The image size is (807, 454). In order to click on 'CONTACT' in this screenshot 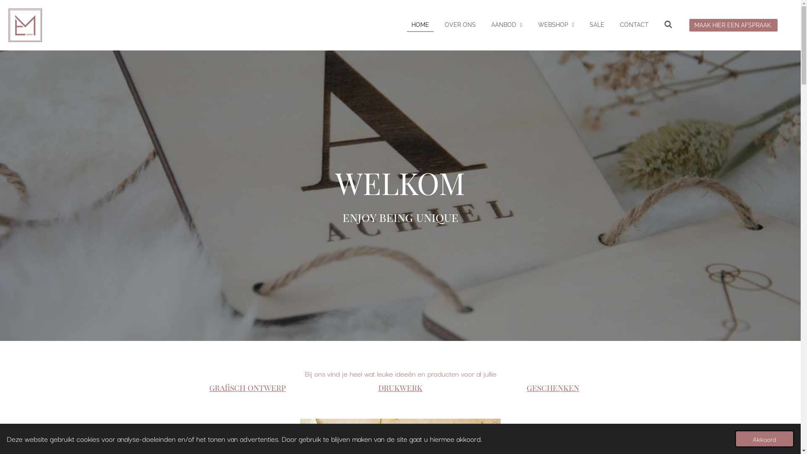, I will do `click(615, 24)`.